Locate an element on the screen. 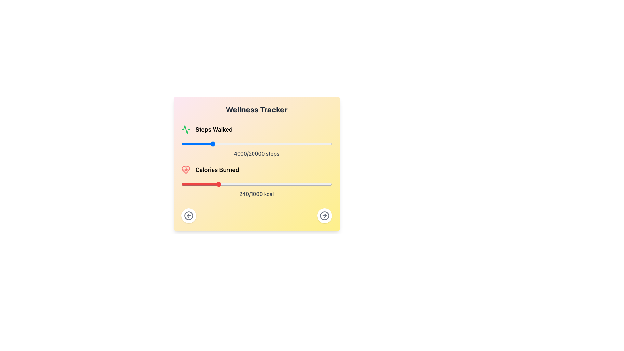  calories burned slider is located at coordinates (315, 184).